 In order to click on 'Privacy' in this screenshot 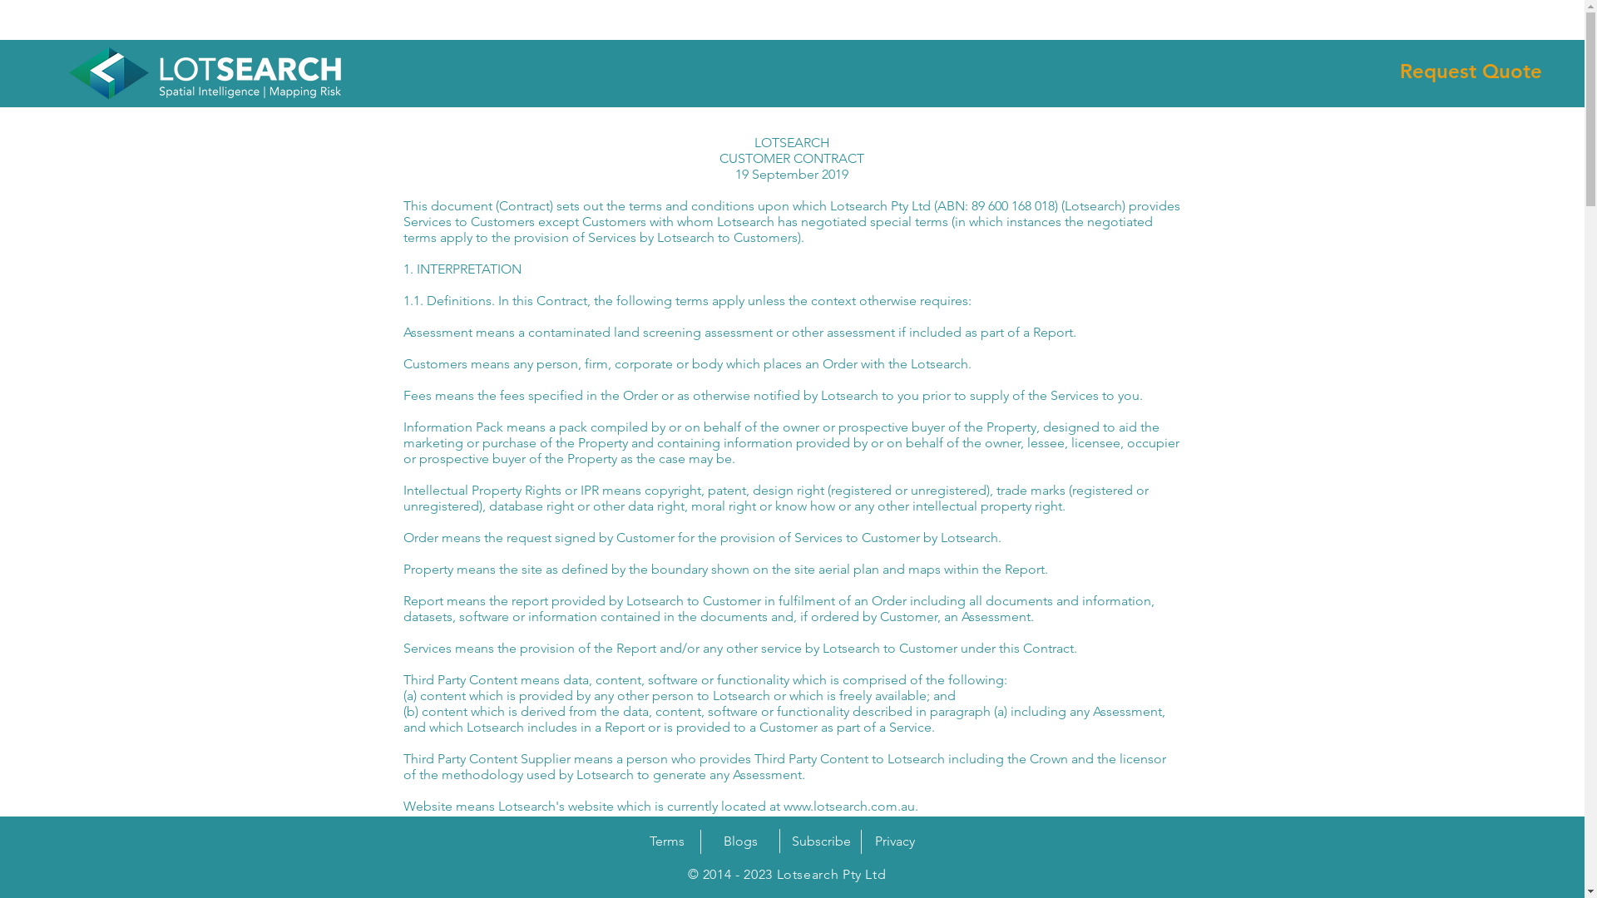, I will do `click(893, 841)`.